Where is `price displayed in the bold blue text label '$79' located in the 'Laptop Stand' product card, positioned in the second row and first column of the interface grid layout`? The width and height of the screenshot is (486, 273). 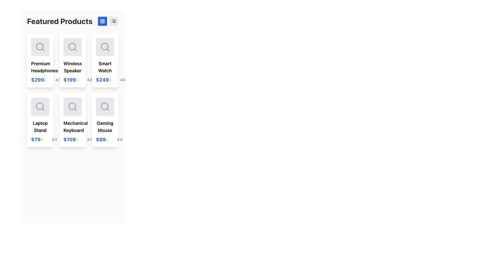
price displayed in the bold blue text label '$79' located in the 'Laptop Stand' product card, positioned in the second row and first column of the interface grid layout is located at coordinates (35, 139).